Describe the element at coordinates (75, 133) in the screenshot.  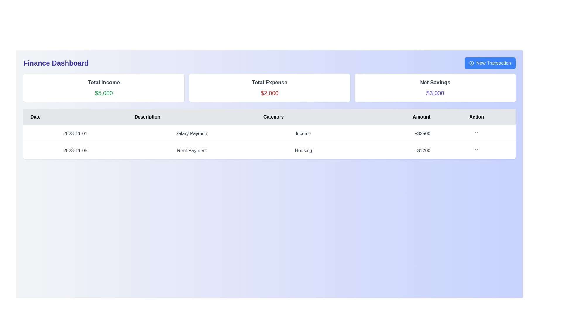
I see `the table cell that indicates the date associated with a financial transaction, located in the first row and first column under the 'Date' header` at that location.